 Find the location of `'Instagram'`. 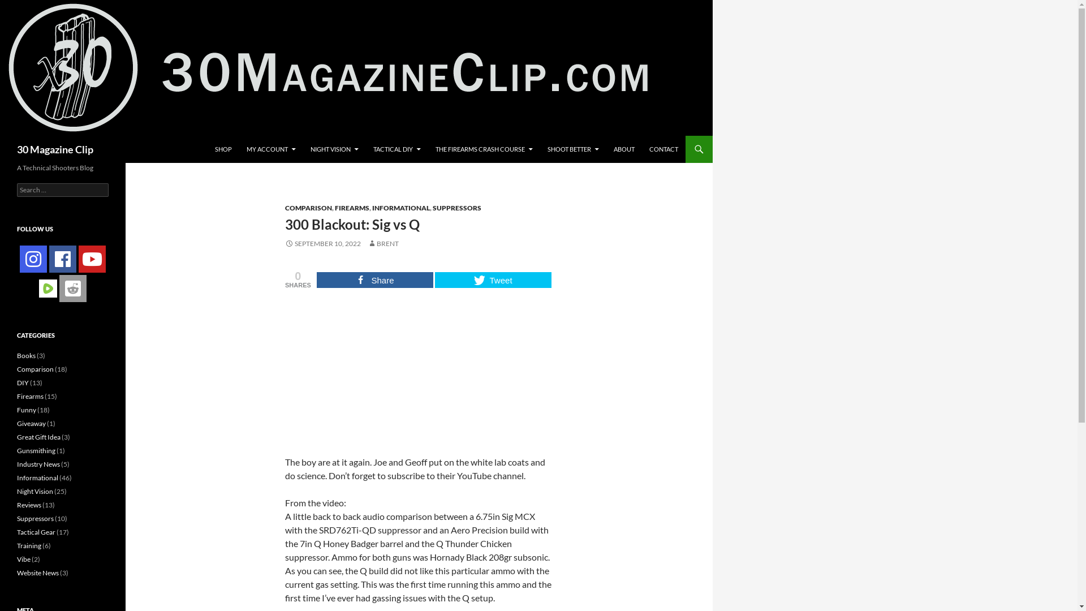

'Instagram' is located at coordinates (33, 259).